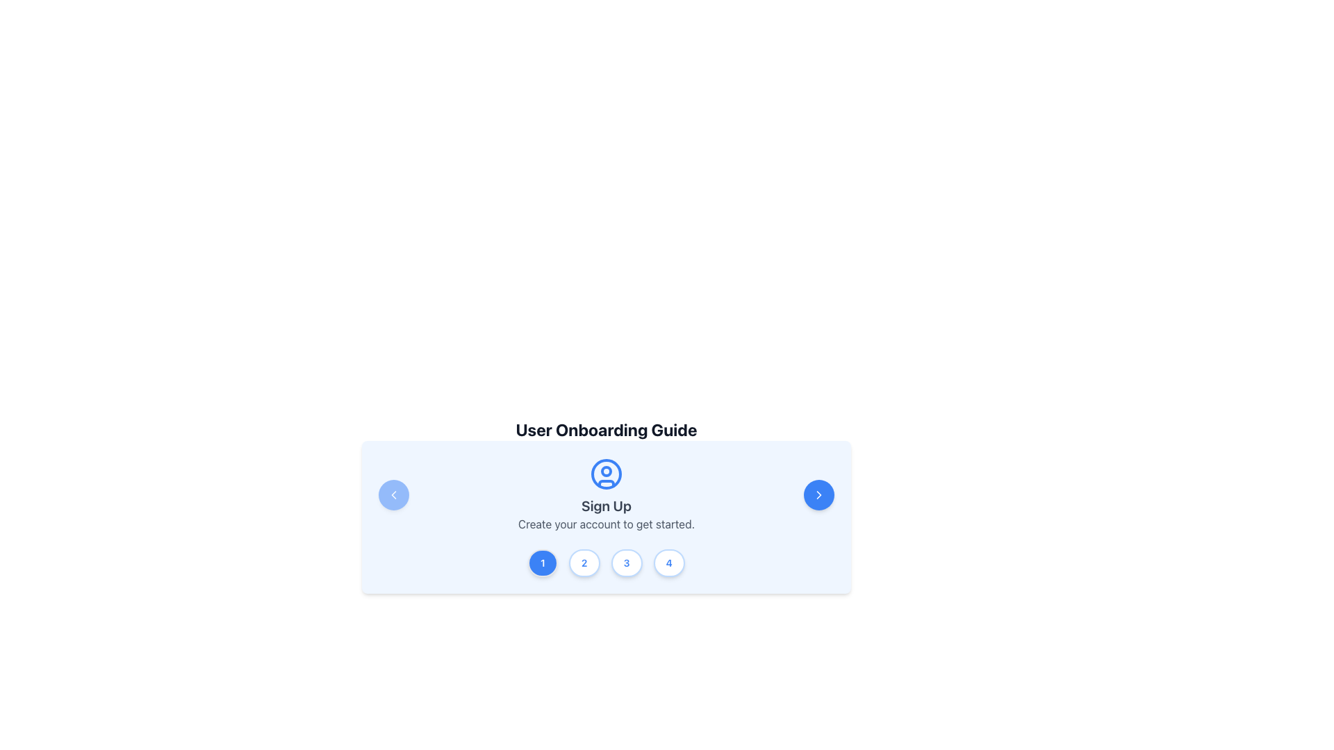  What do you see at coordinates (819, 494) in the screenshot?
I see `the rightward chevron icon within the circular button at the bottom-right of the panel` at bounding box center [819, 494].